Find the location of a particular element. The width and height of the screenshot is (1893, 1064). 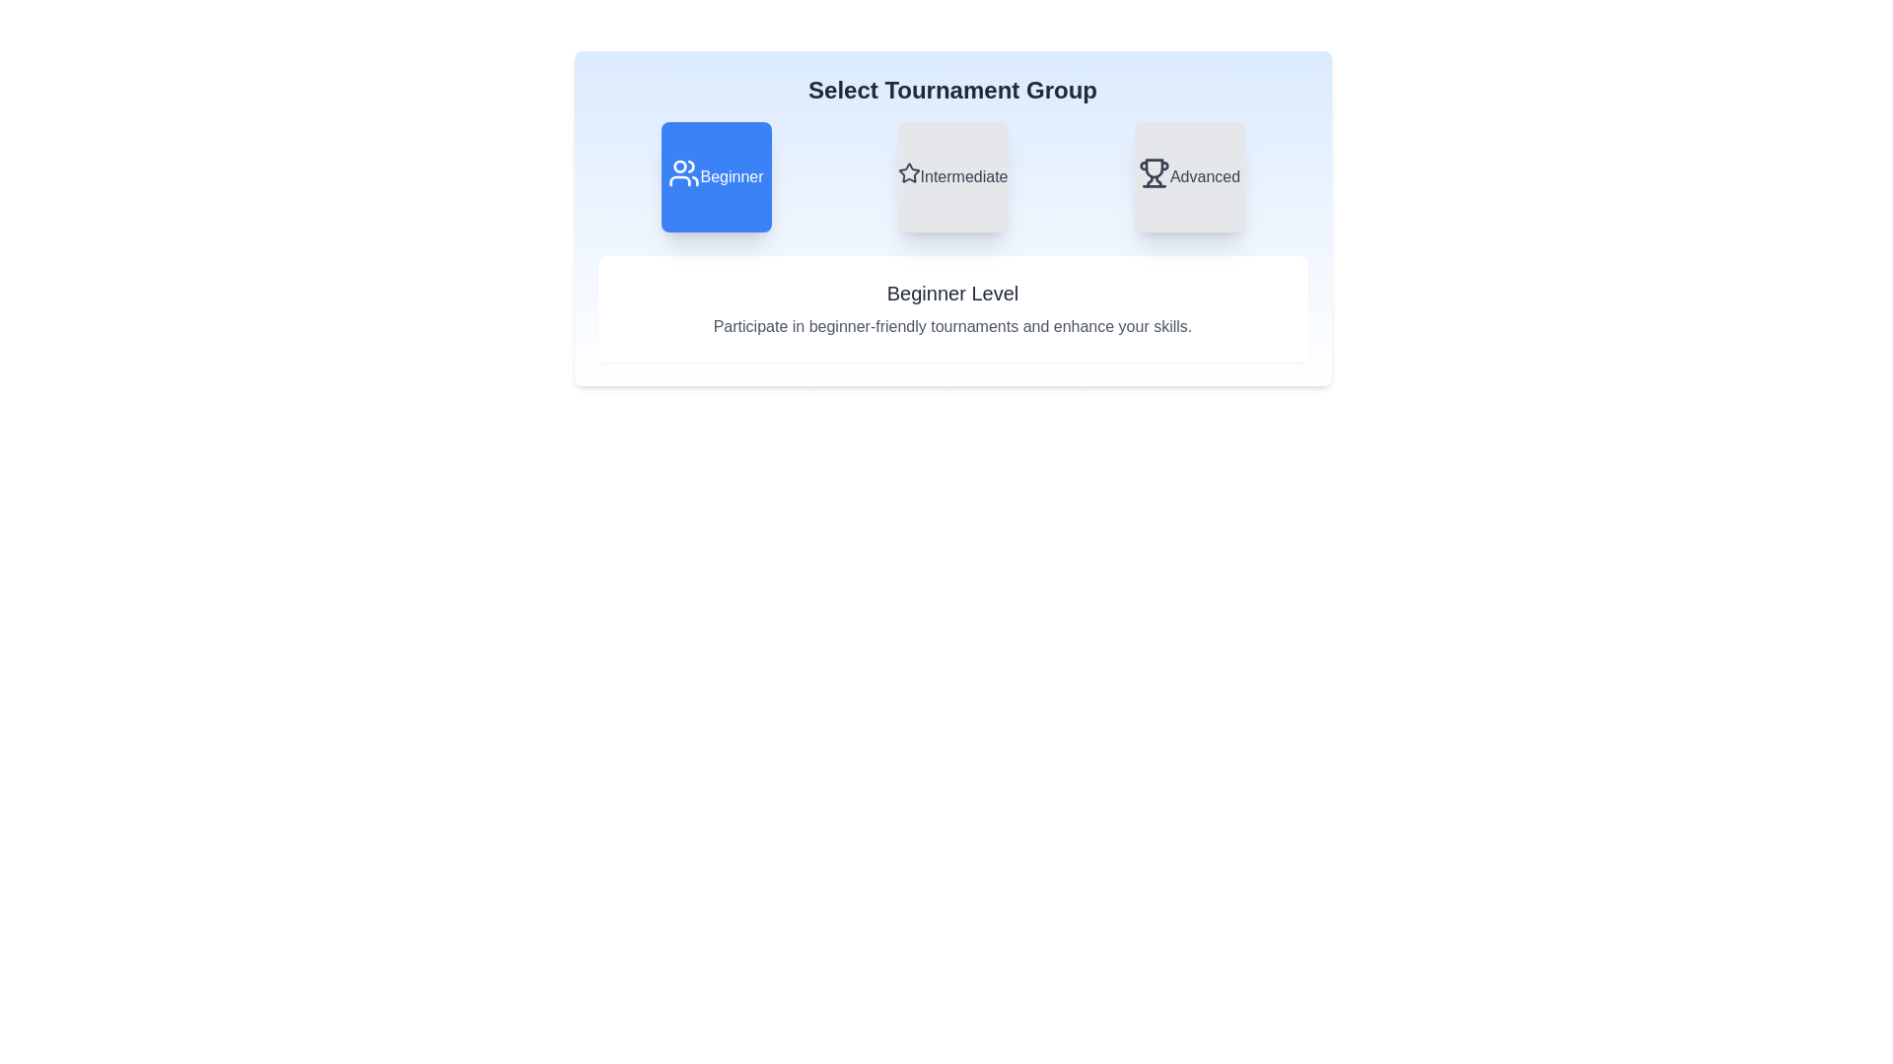

the Informational Section displaying the title 'Beginner Level' and the description 'Participate in beginner-friendly tournaments and enhance your skills.' is located at coordinates (952, 308).